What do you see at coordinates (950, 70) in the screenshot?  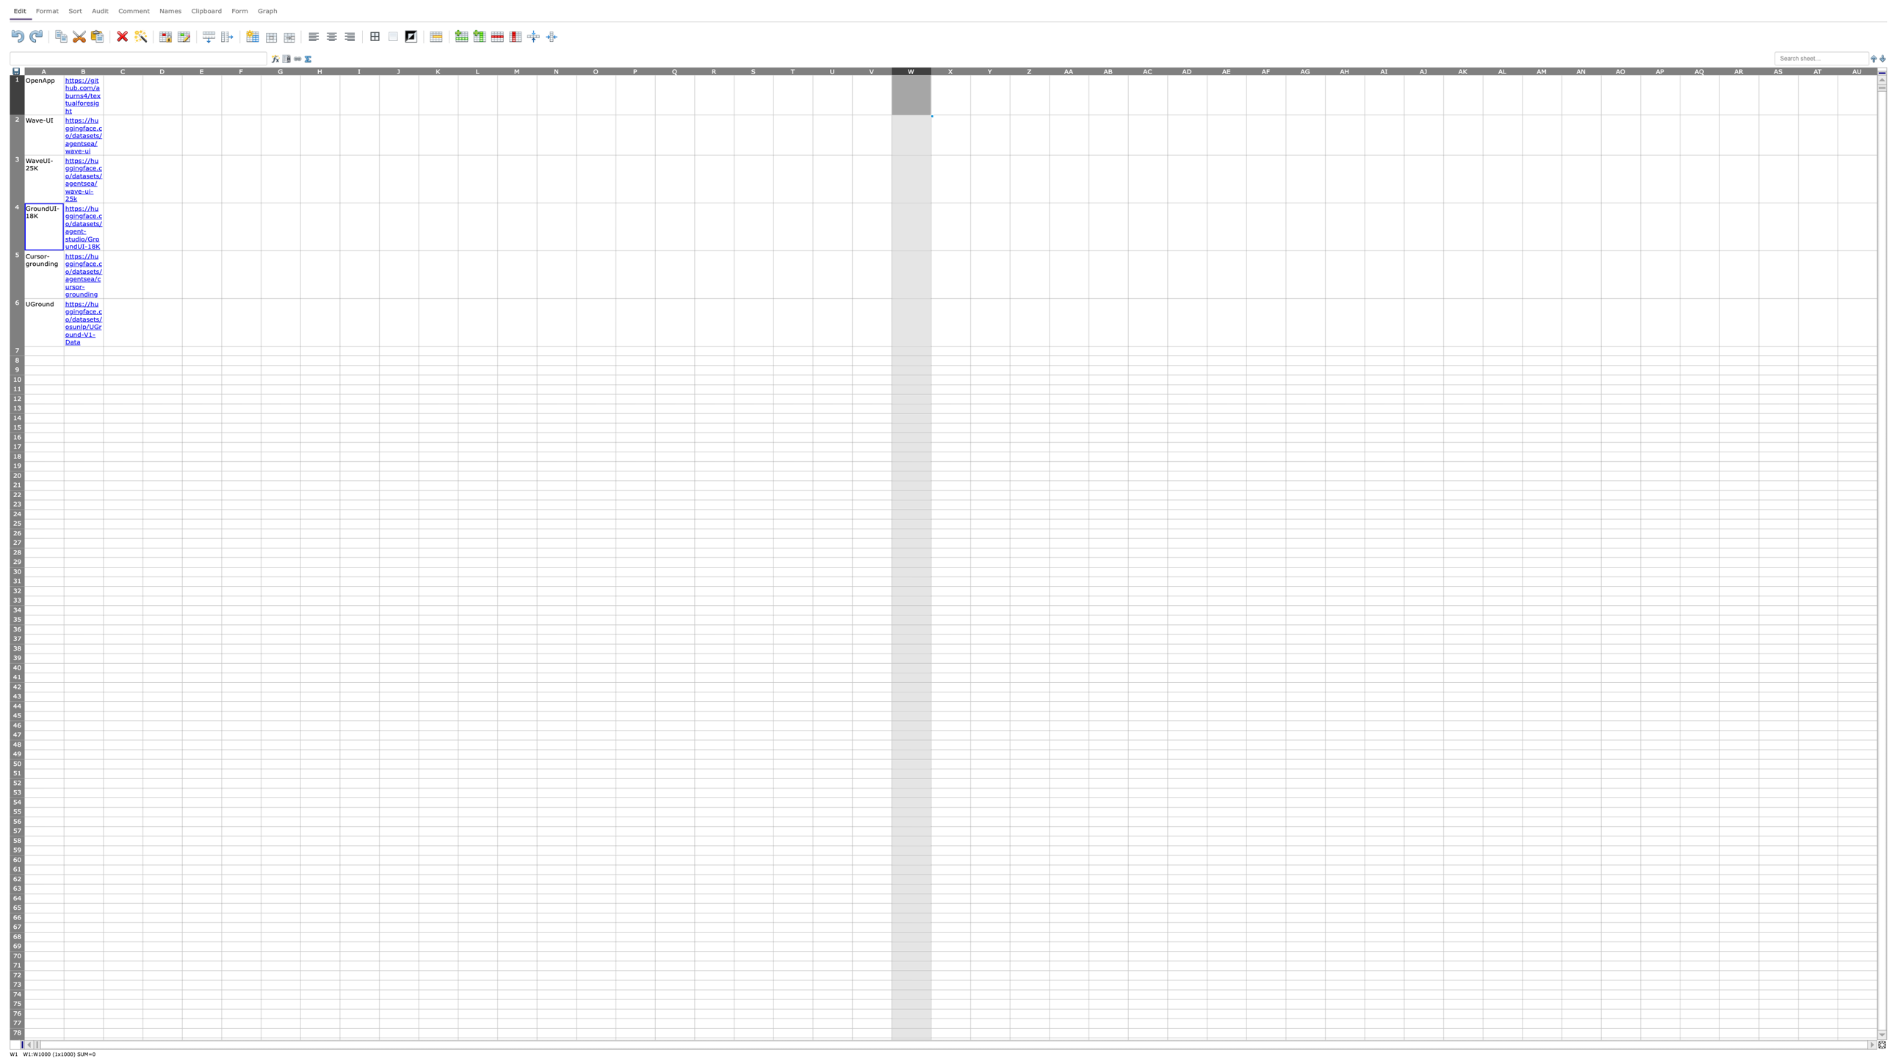 I see `column X` at bounding box center [950, 70].